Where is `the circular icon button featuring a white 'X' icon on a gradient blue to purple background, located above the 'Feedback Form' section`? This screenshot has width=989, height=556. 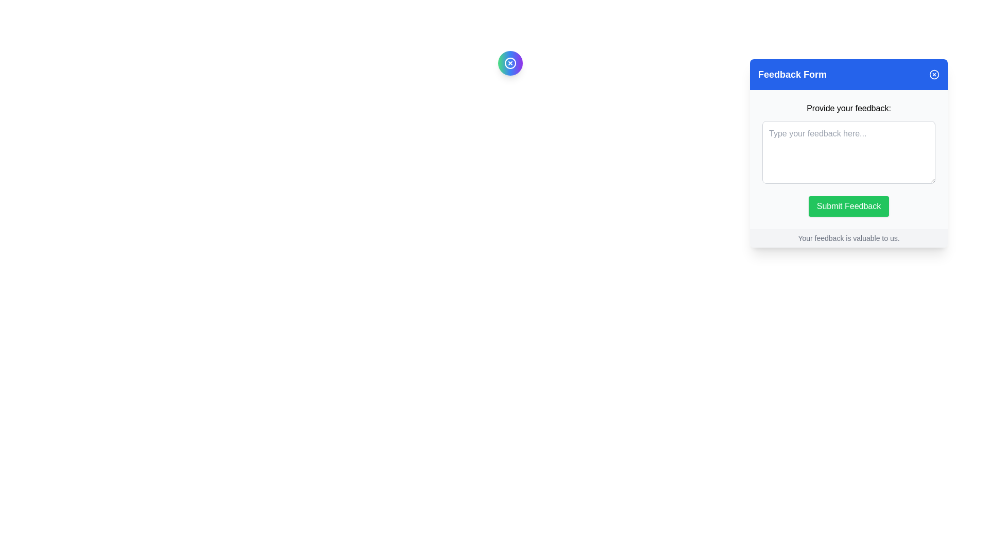
the circular icon button featuring a white 'X' icon on a gradient blue to purple background, located above the 'Feedback Form' section is located at coordinates (934, 74).